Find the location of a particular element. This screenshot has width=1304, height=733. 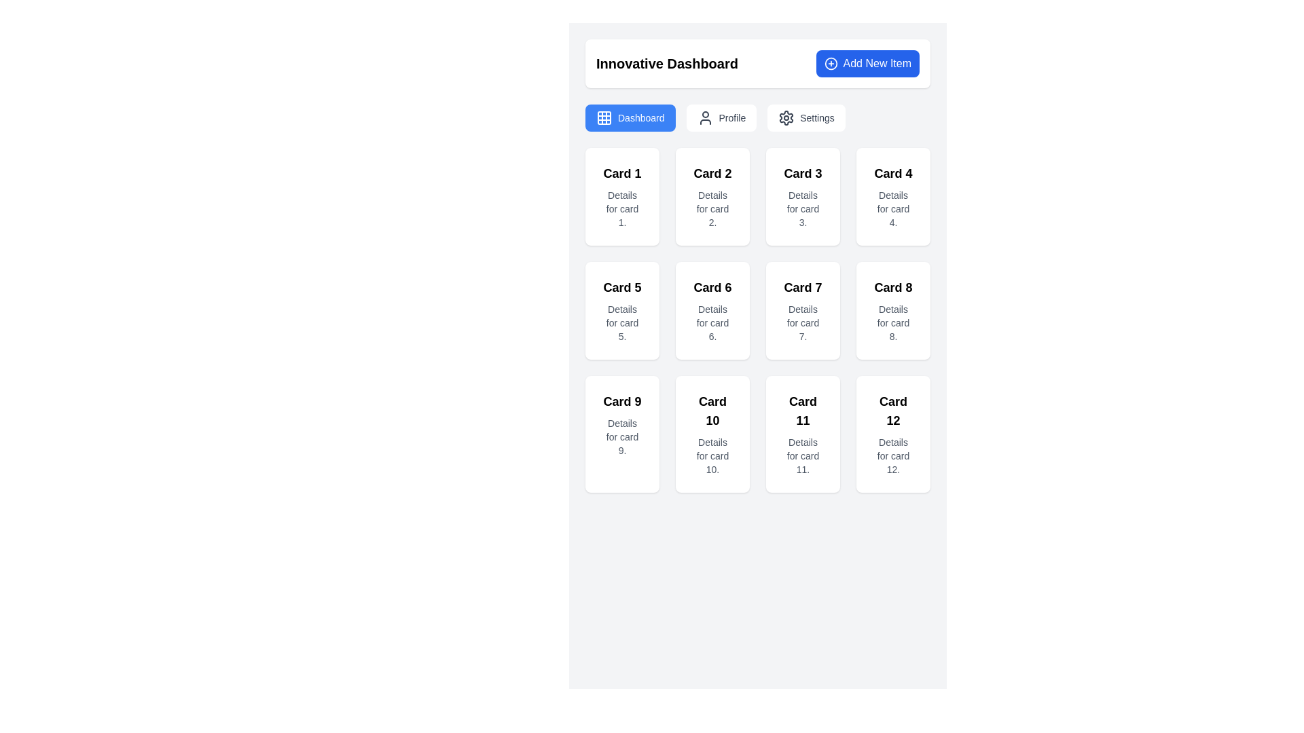

text content of the title label identifying 'Card 7' located at the top-center of the seventh card in the card grid layout is located at coordinates (803, 287).